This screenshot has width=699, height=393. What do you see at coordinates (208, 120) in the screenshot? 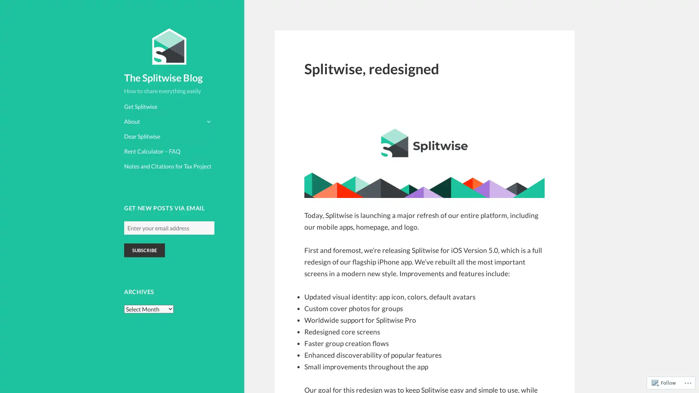
I see `expand child menu` at bounding box center [208, 120].